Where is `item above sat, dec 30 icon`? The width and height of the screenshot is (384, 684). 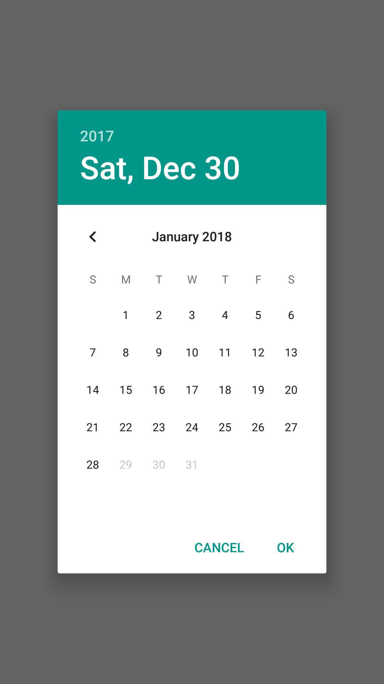
item above sat, dec 30 icon is located at coordinates (192, 128).